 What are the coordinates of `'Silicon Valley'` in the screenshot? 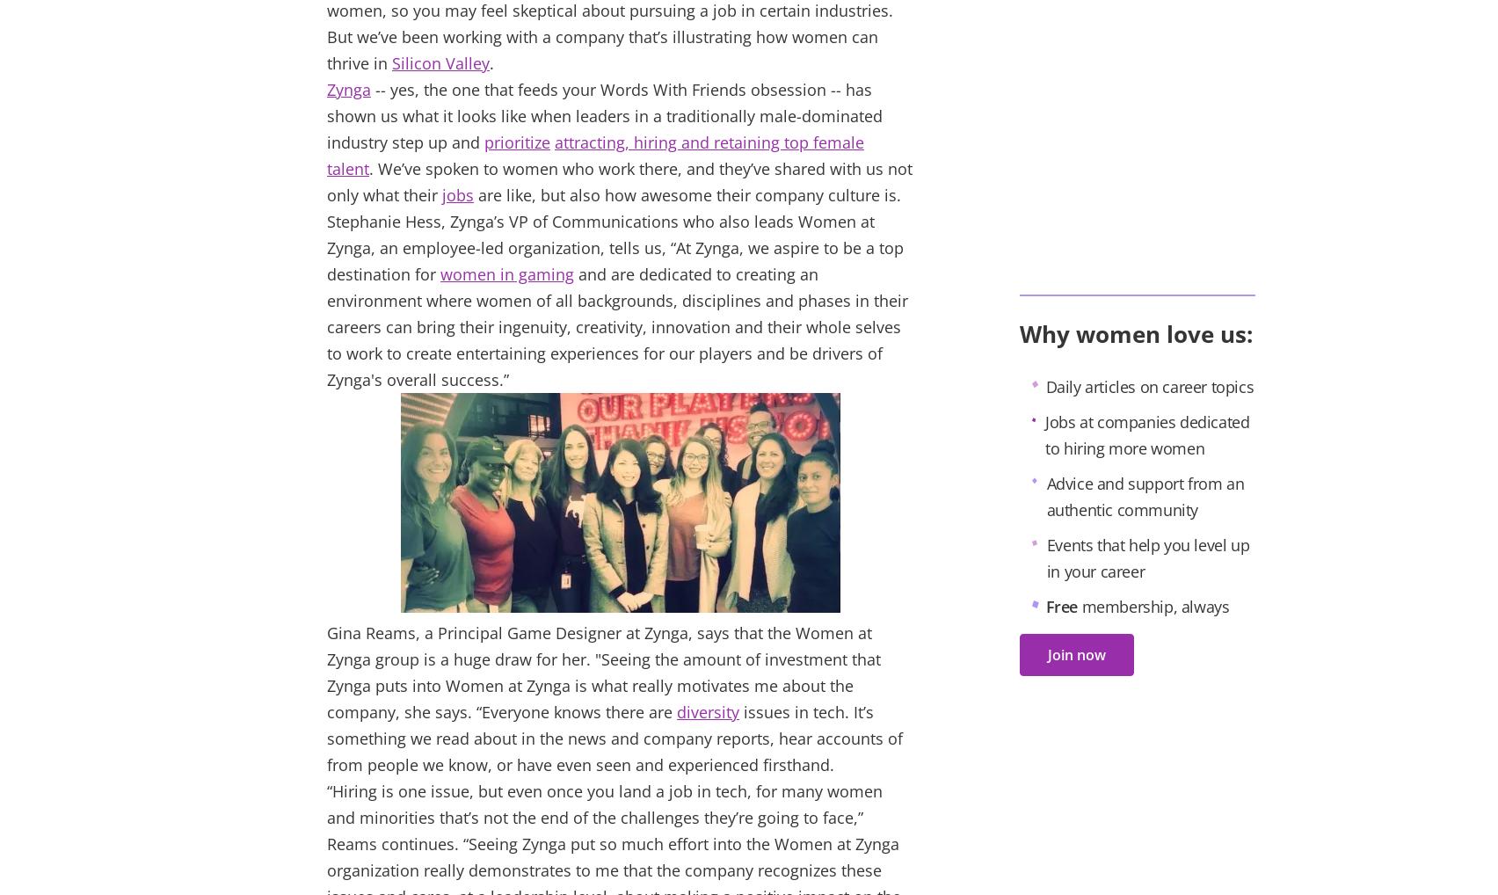 It's located at (440, 62).